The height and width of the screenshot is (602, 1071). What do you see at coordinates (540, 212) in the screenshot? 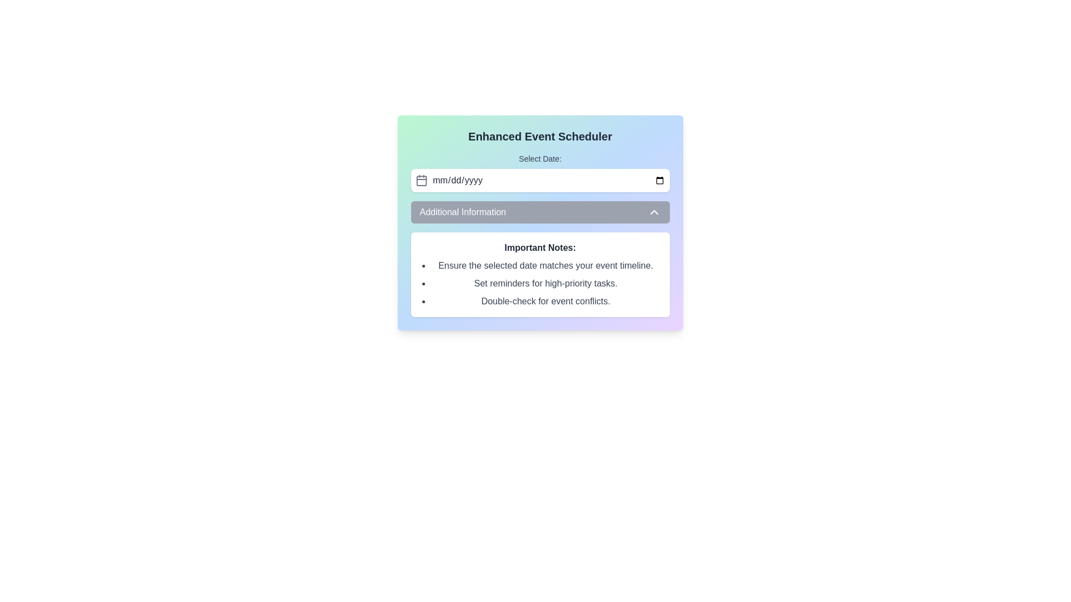
I see `the toggle button located below the 'Select Date' section and above the 'Important Notes' section` at bounding box center [540, 212].